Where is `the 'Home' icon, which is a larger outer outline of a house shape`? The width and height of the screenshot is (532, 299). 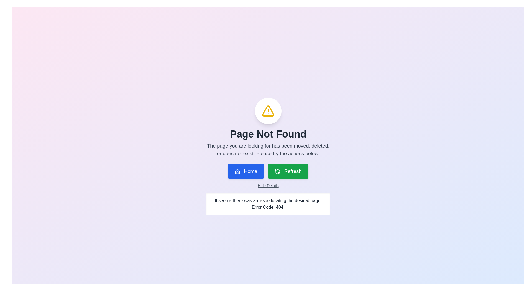
the 'Home' icon, which is a larger outer outline of a house shape is located at coordinates (237, 171).